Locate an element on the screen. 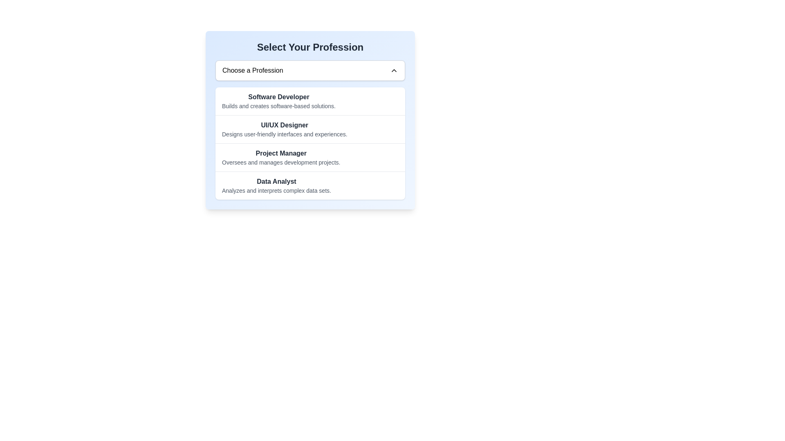 This screenshot has height=441, width=785. the text displaying 'Choose a Profession' is located at coordinates (252, 70).